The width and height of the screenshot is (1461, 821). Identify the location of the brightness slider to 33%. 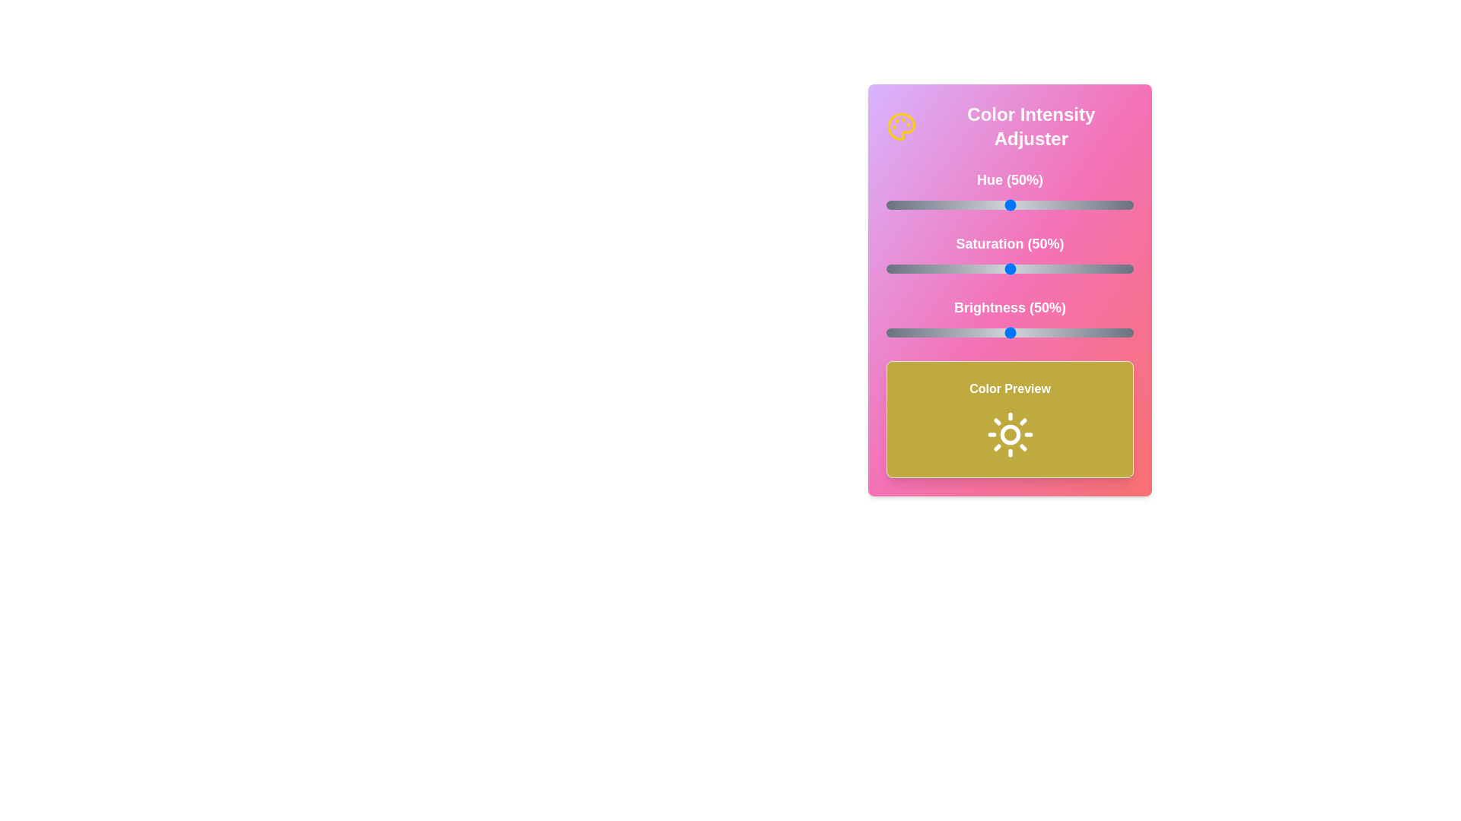
(967, 332).